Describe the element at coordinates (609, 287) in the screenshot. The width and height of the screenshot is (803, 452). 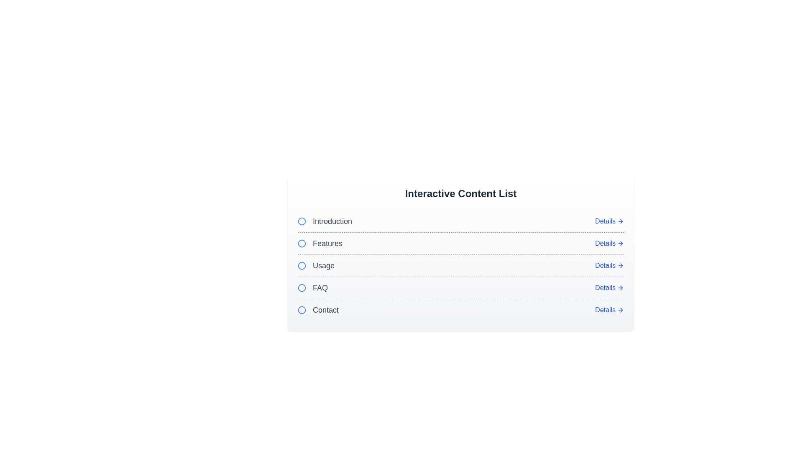
I see `the interactive link located at the far-right of the 'FAQ' section` at that location.